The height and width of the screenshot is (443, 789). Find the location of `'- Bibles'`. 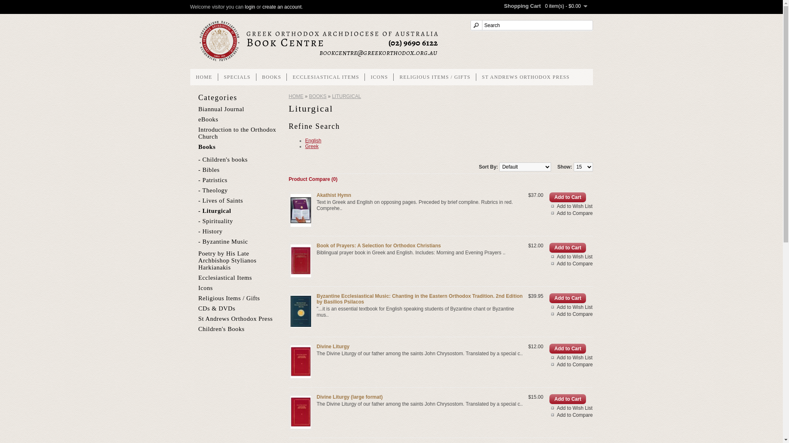

'- Bibles' is located at coordinates (238, 169).